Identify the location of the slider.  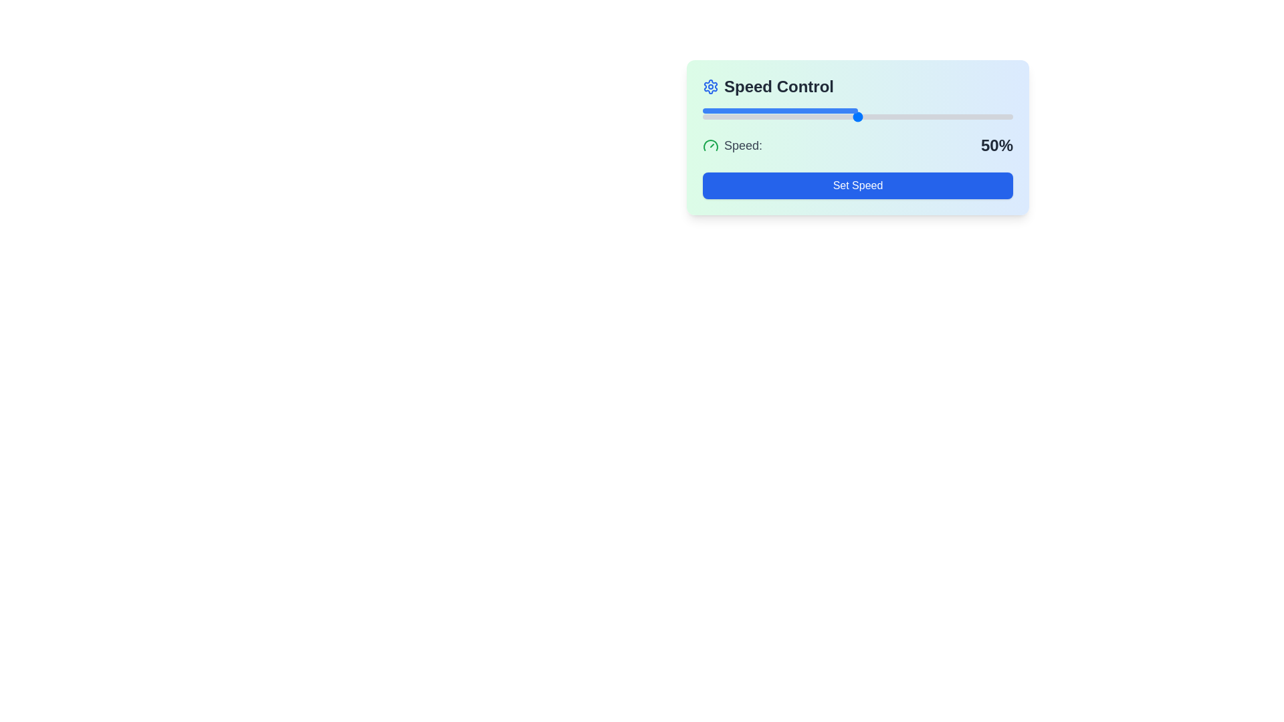
(889, 116).